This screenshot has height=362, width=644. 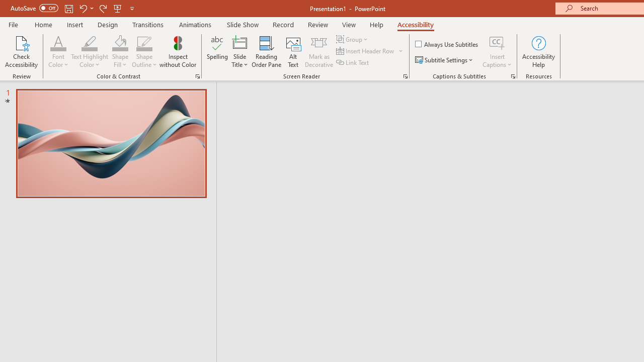 I want to click on 'Subtitle Settings', so click(x=444, y=60).